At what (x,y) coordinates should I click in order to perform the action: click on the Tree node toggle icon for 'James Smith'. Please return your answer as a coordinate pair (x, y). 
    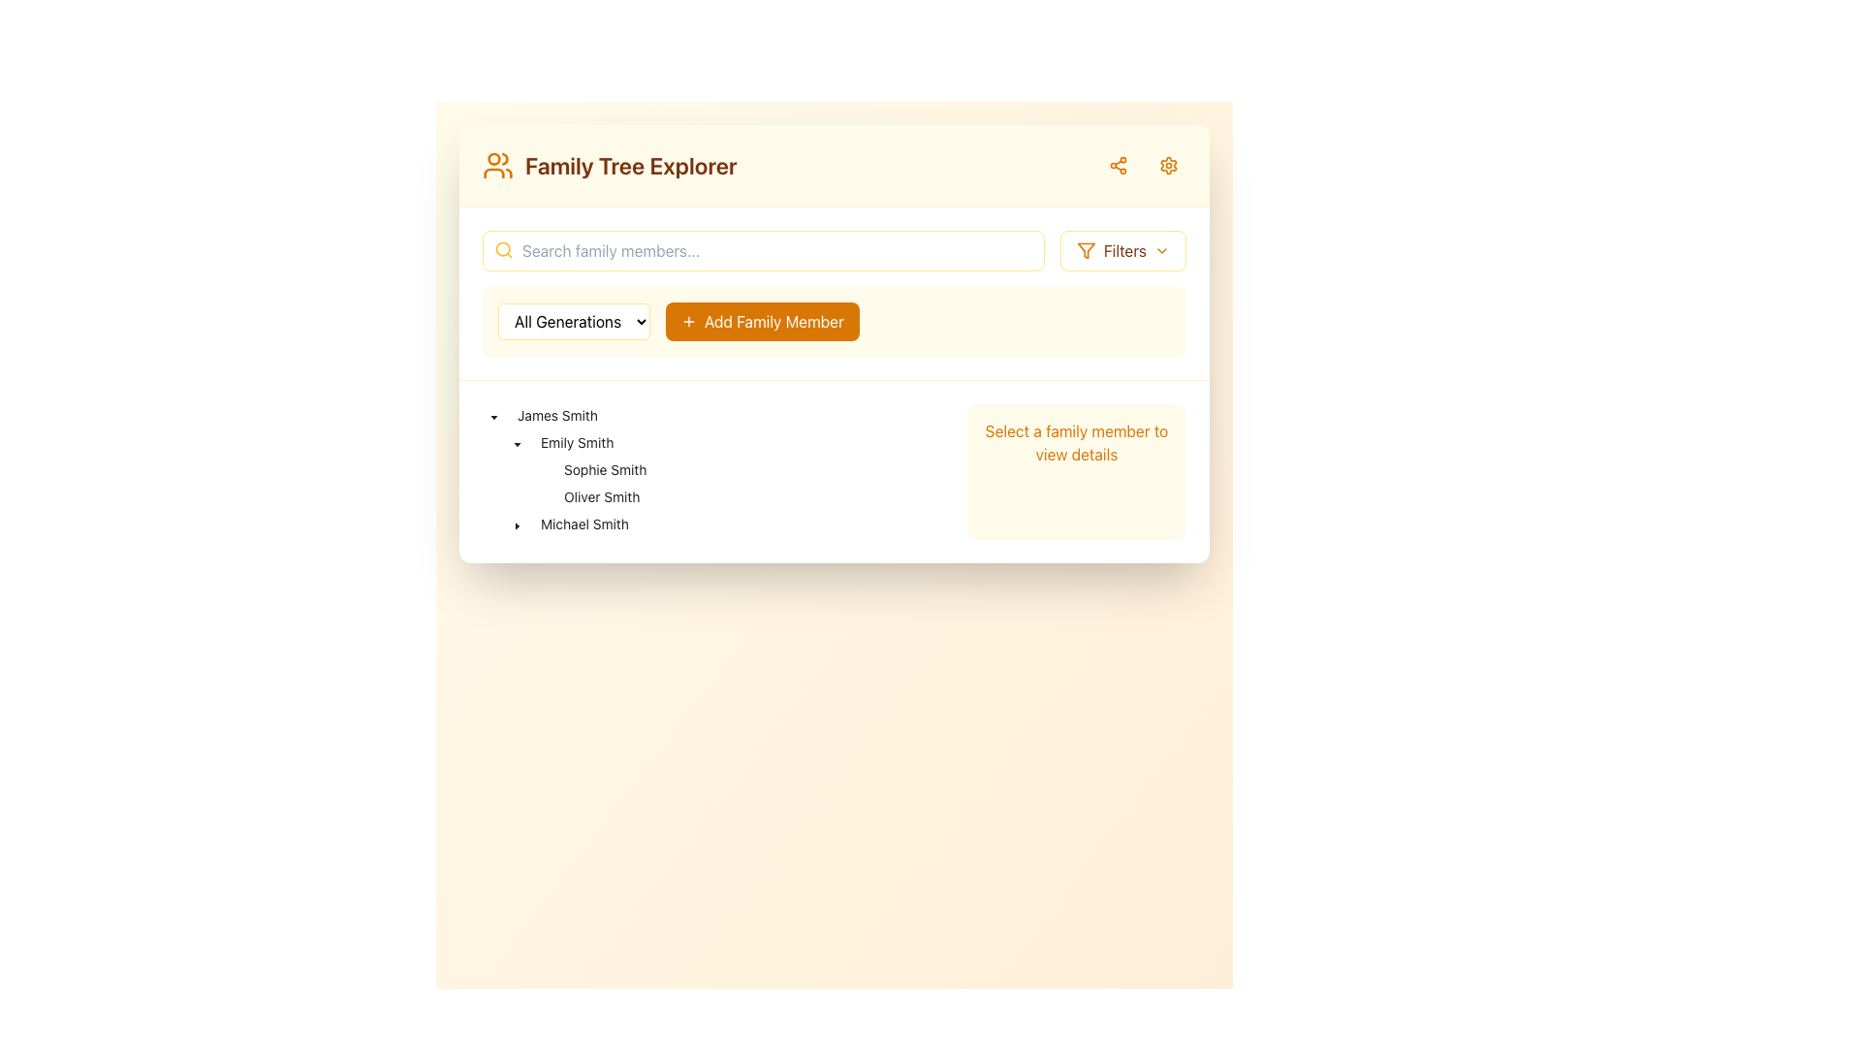
    Looking at the image, I should click on (493, 414).